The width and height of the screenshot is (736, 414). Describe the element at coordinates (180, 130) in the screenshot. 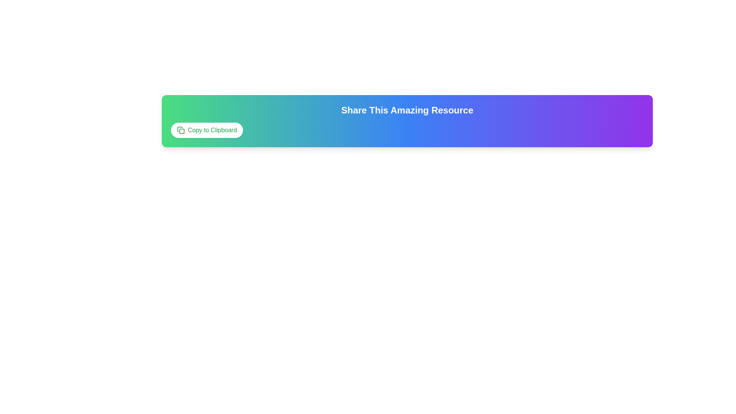

I see `the small square icon depicting two overlapping rectangles, styled as a vector graphic with a green color scheme, located within the 'Copy to Clipboard' button` at that location.